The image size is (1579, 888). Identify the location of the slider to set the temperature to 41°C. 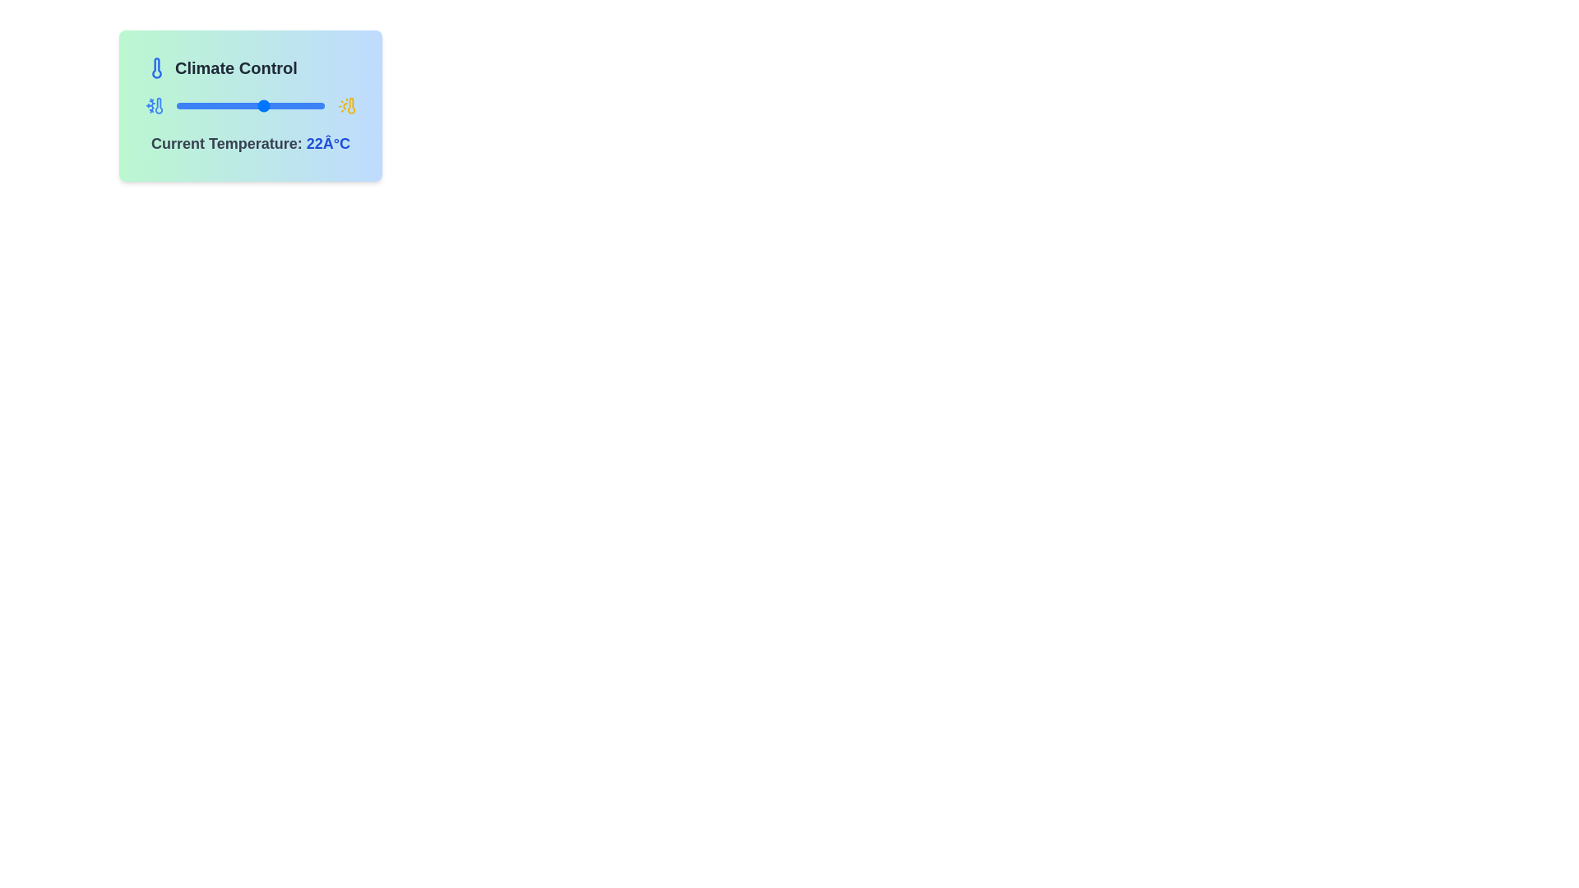
(305, 105).